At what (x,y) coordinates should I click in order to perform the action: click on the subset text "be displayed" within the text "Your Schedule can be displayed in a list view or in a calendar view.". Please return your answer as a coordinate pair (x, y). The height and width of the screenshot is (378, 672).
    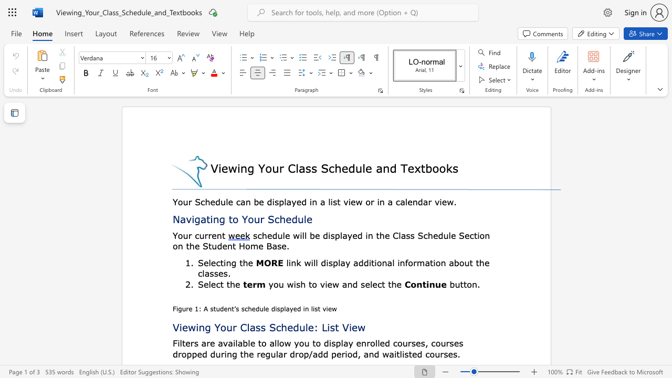
    Looking at the image, I should click on (254, 202).